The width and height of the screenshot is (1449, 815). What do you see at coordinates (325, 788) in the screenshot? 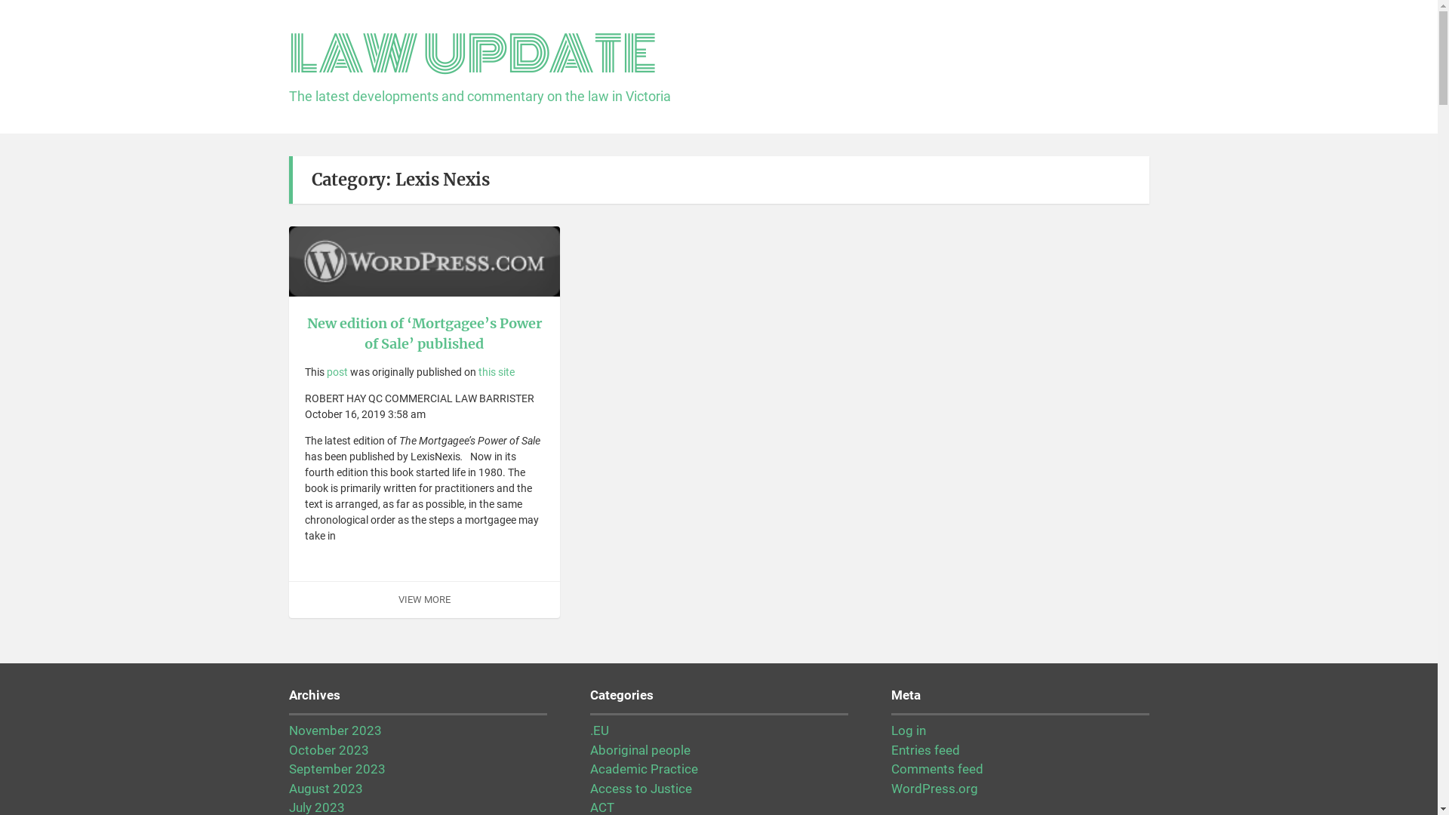
I see `'August 2023'` at bounding box center [325, 788].